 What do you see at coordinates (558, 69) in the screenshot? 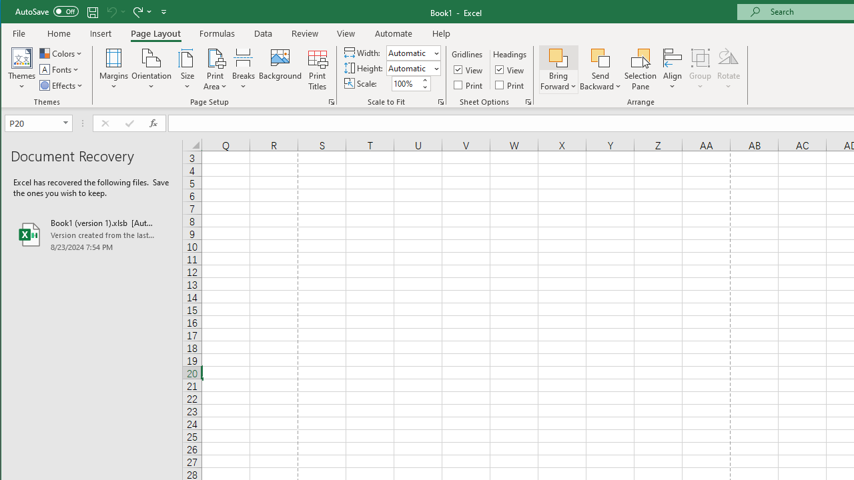
I see `'Bring Forward'` at bounding box center [558, 69].